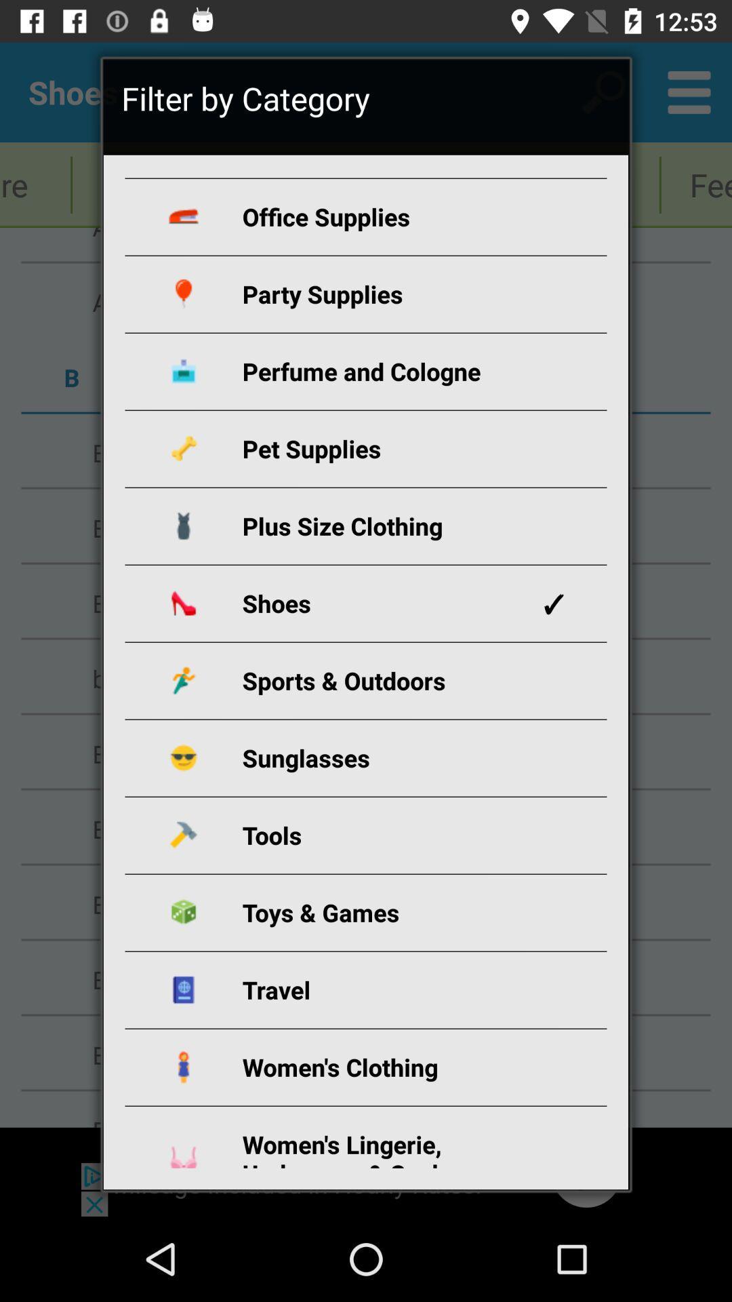  Describe the element at coordinates (382, 602) in the screenshot. I see `shoes app` at that location.